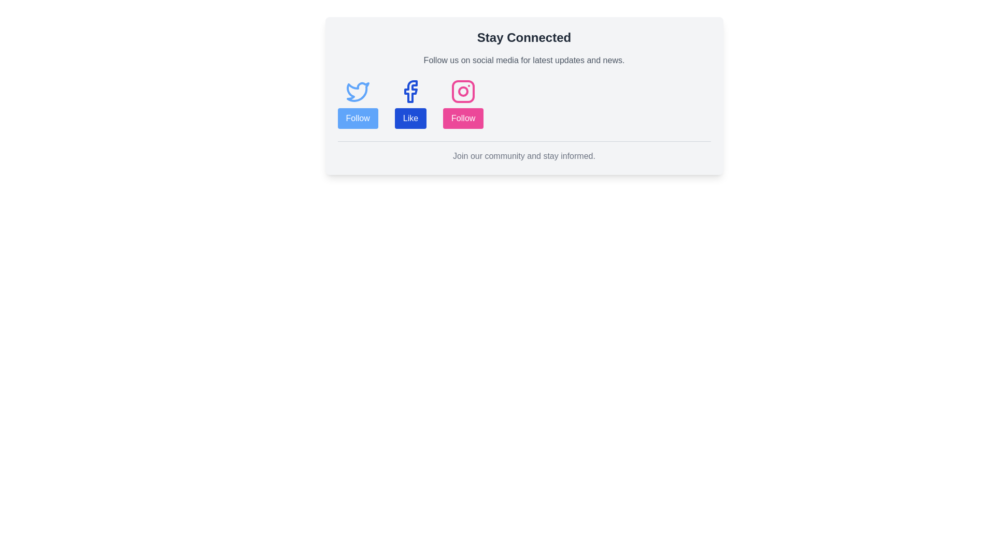  What do you see at coordinates (463, 117) in the screenshot?
I see `the Instagram follow button located below the Instagram logo within the 'Stay Connected' panel` at bounding box center [463, 117].